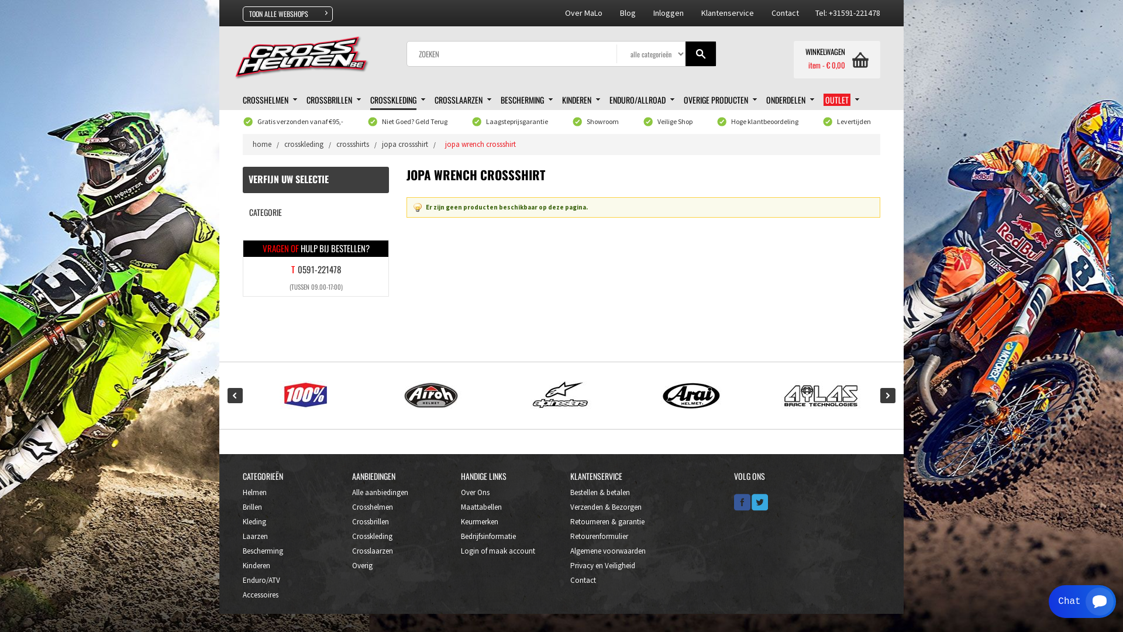 The width and height of the screenshot is (1123, 632). Describe the element at coordinates (460, 520) in the screenshot. I see `'Keurmerken'` at that location.